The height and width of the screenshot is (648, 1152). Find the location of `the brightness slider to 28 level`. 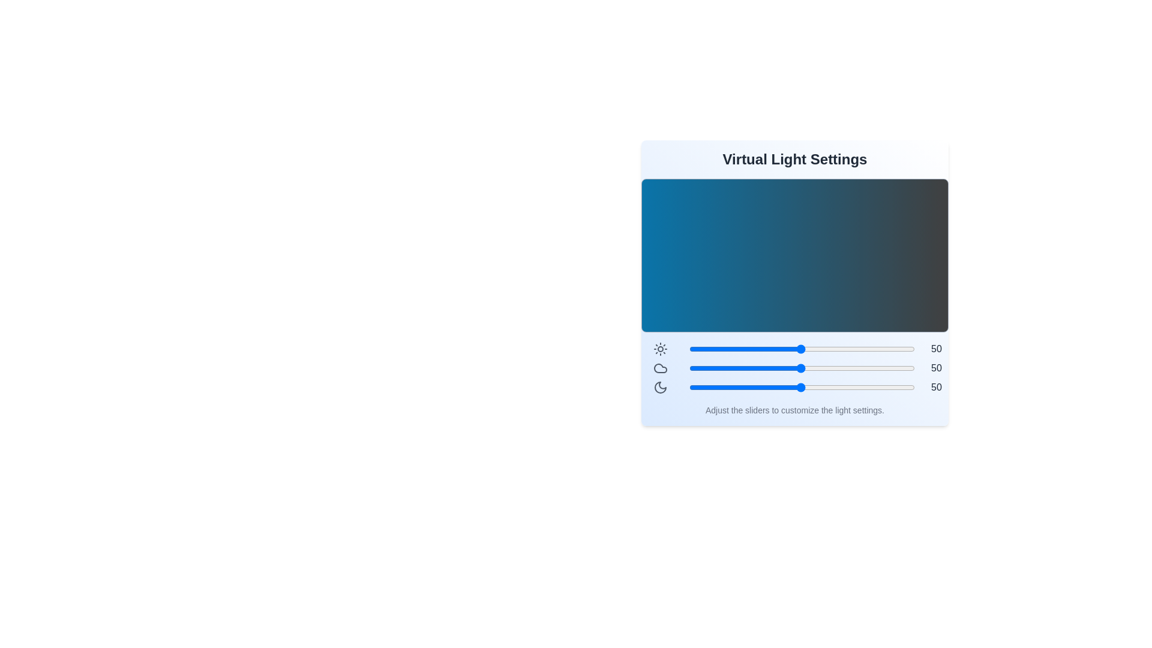

the brightness slider to 28 level is located at coordinates (750, 349).